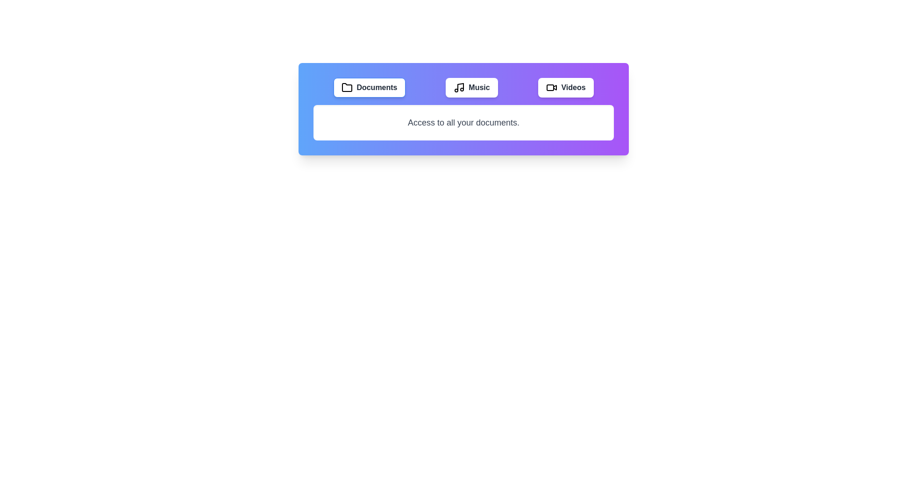  I want to click on the tab labeled Videos by clicking on its header, so click(565, 88).